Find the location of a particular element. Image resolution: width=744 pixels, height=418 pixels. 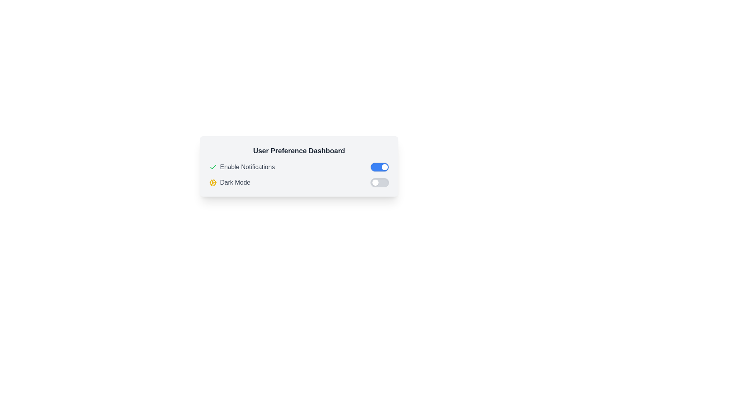

the 'Dark Mode' label and icon pair, which features a yellow sun-like icon with gear-like edges and dark gray text, located in the lower-left corner of the settings panel as the second item in the vertical list is located at coordinates (229, 182).